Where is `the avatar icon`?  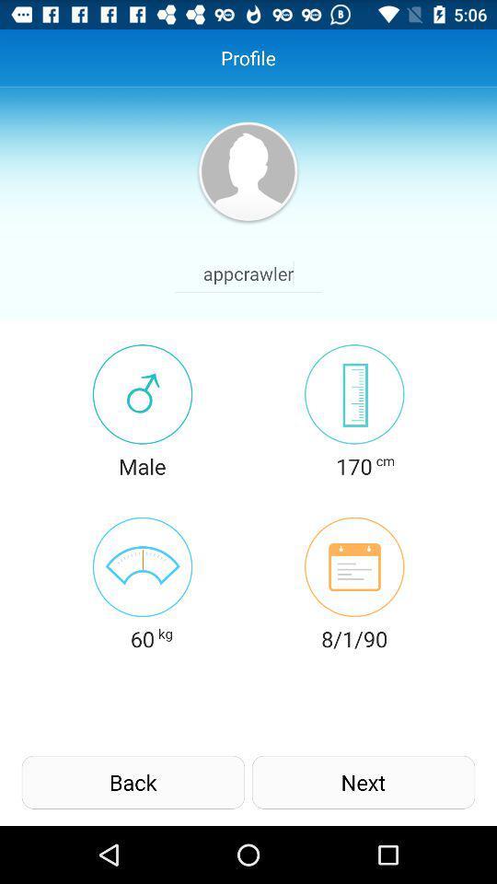 the avatar icon is located at coordinates (248, 183).